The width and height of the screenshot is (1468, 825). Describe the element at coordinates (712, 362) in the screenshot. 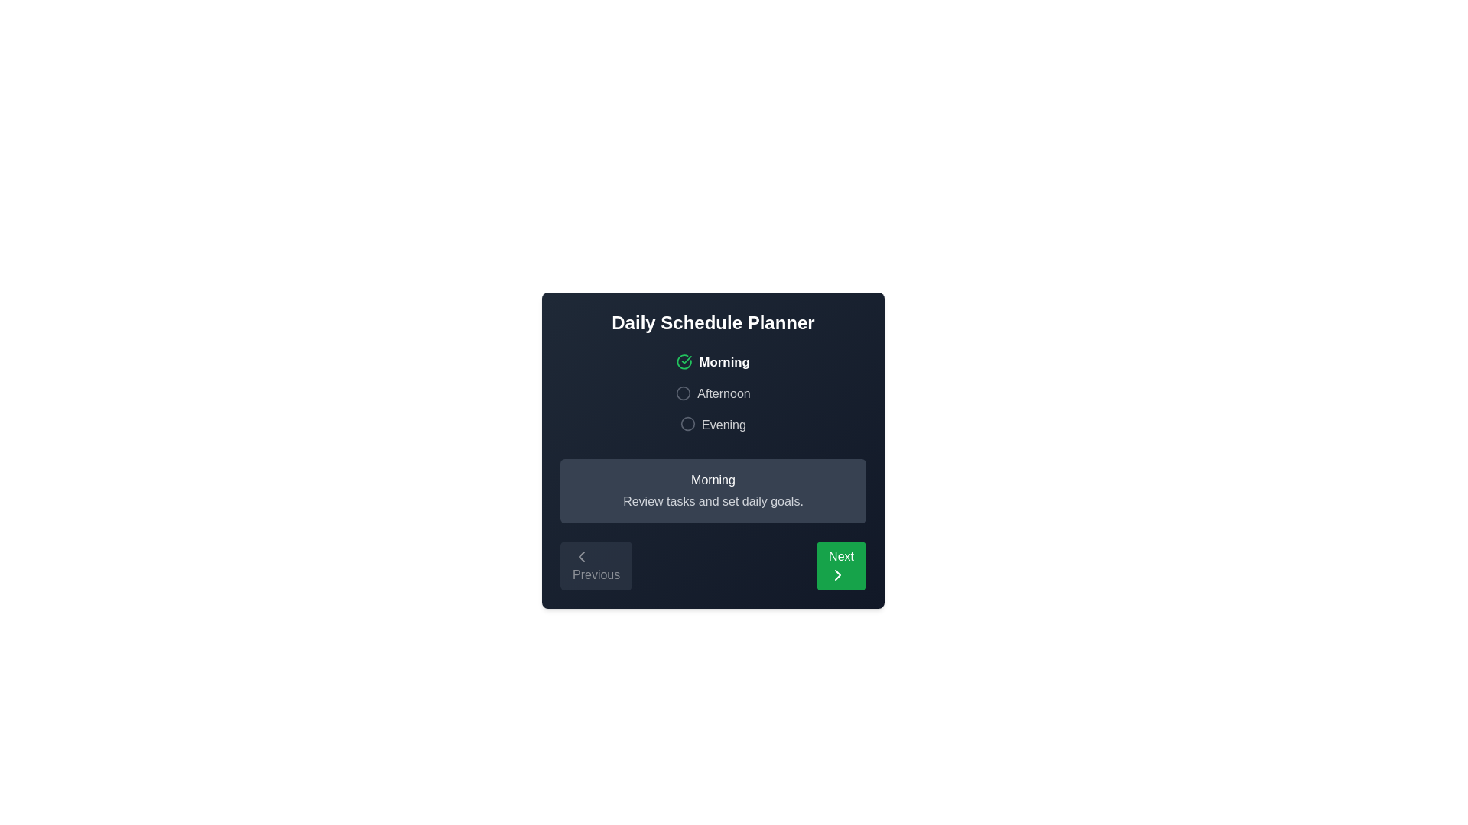

I see `the selectable text option labeled 'Morning', which is currently selected and marked with a green checkmark` at that location.